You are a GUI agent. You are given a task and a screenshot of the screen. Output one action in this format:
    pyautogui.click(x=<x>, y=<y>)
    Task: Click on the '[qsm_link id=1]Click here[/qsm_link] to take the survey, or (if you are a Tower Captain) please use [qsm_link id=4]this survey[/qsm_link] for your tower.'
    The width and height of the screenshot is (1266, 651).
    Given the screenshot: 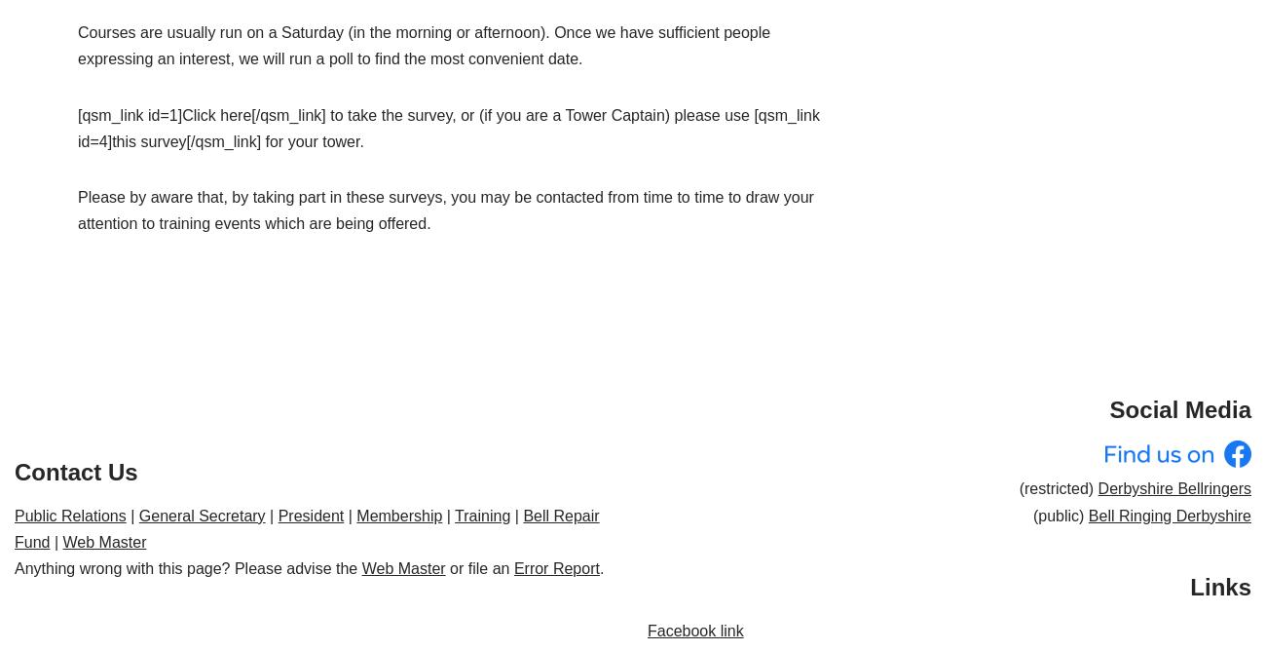 What is the action you would take?
    pyautogui.click(x=447, y=126)
    